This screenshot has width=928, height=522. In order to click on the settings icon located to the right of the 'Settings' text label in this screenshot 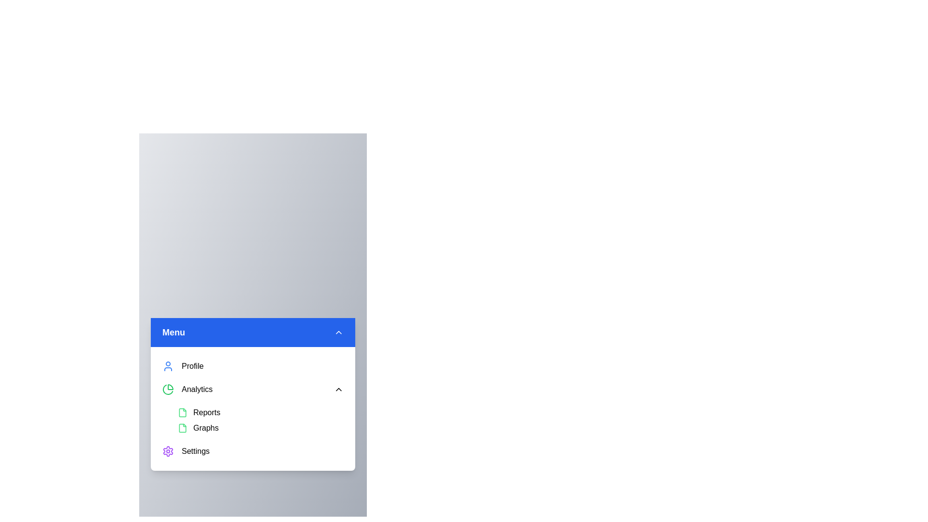, I will do `click(168, 451)`.